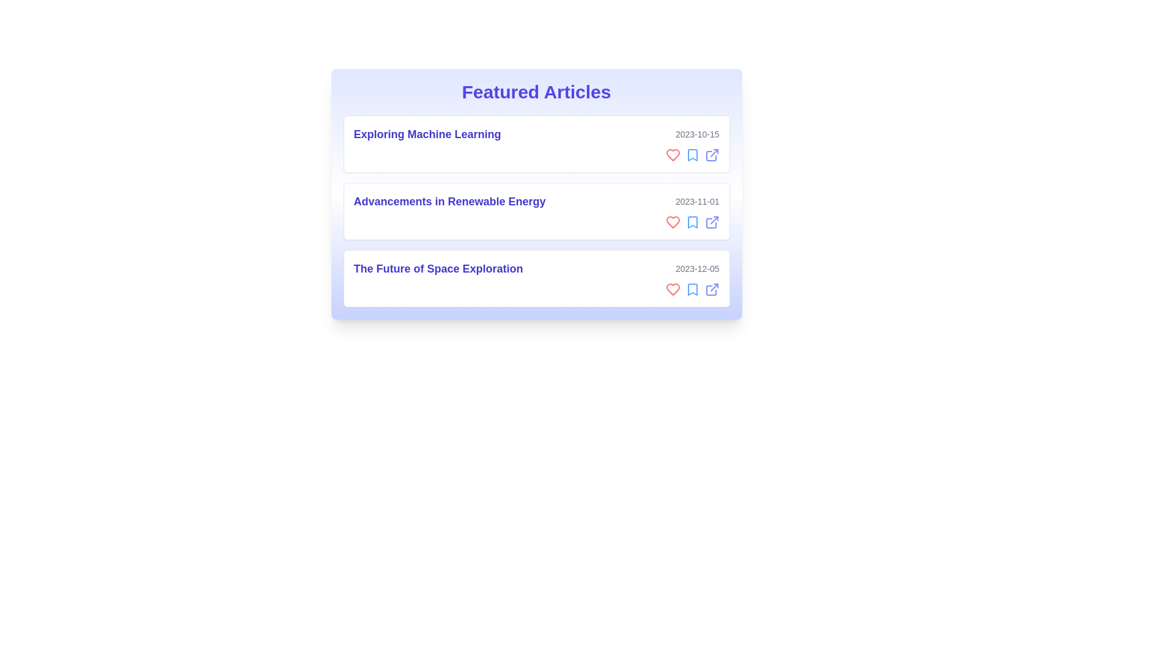 This screenshot has height=660, width=1174. What do you see at coordinates (536, 143) in the screenshot?
I see `the article titled Exploring Machine Learning` at bounding box center [536, 143].